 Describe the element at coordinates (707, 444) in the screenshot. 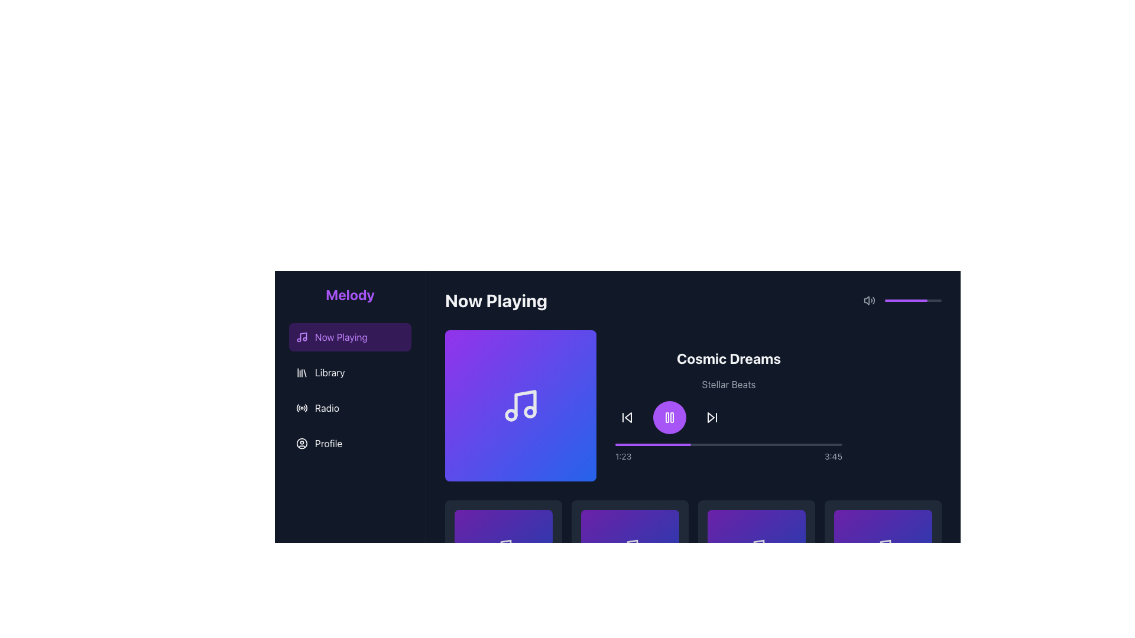

I see `media playback` at that location.